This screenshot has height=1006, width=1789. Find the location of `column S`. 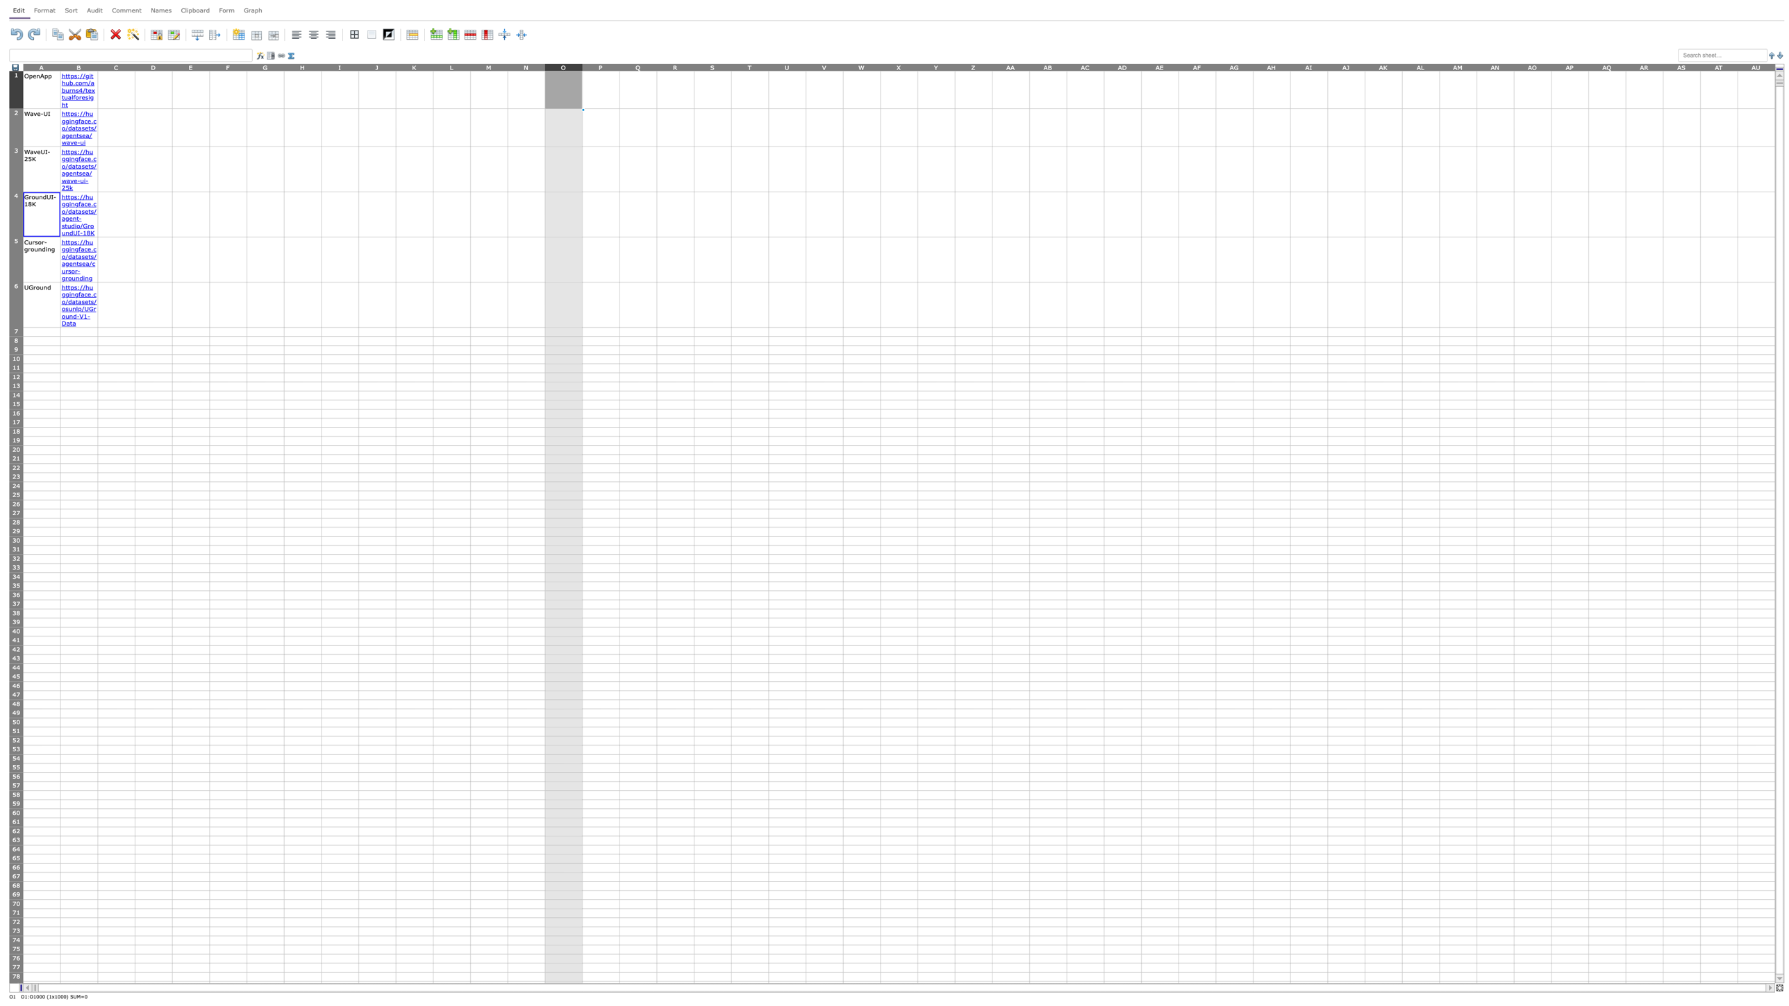

column S is located at coordinates (712, 66).